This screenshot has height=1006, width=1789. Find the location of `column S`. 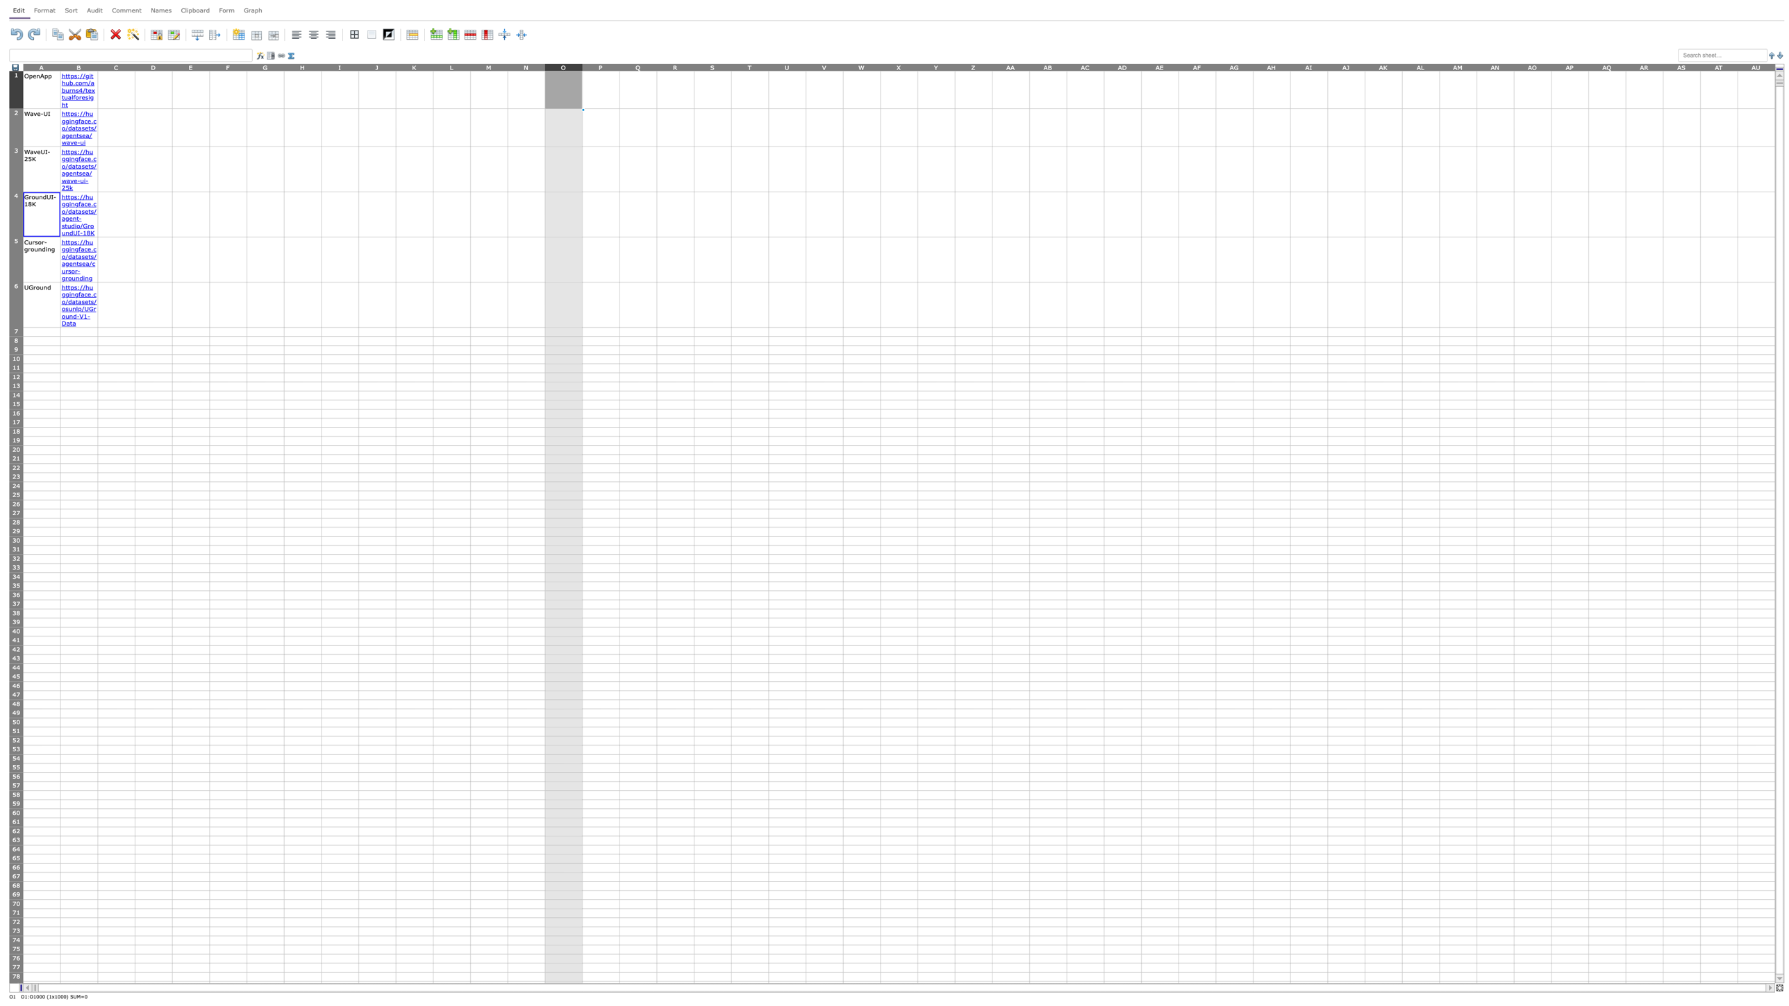

column S is located at coordinates (712, 66).